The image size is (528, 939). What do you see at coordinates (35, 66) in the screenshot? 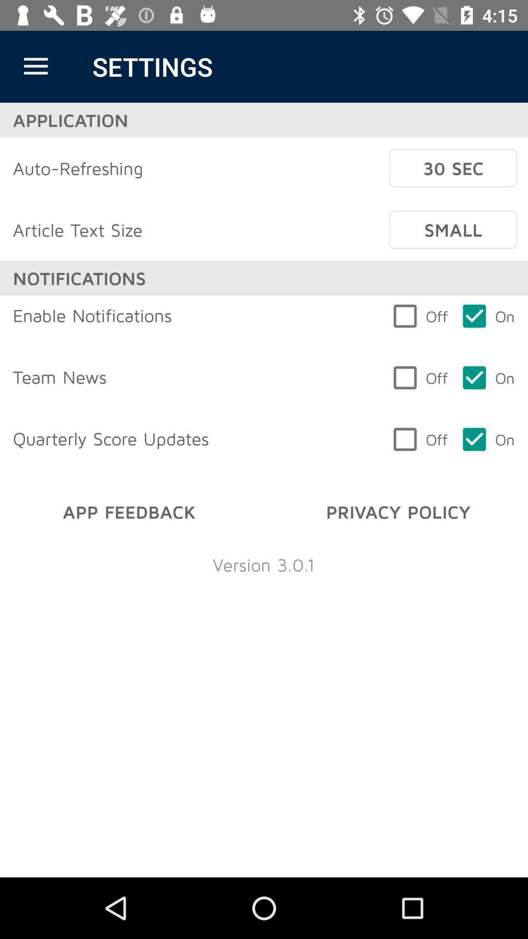
I see `the icon to the left of the settings item` at bounding box center [35, 66].